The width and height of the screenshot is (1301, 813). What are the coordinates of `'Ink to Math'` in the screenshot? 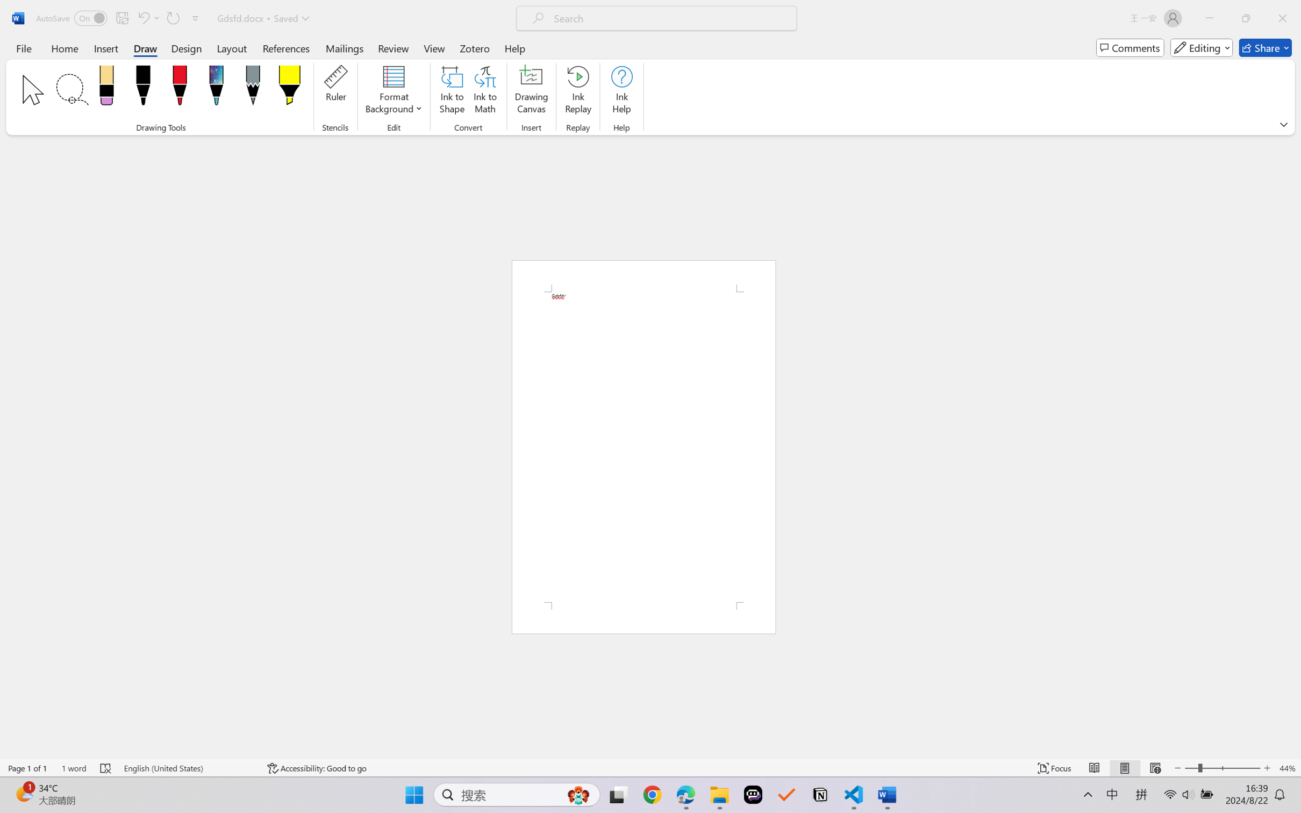 It's located at (485, 91).